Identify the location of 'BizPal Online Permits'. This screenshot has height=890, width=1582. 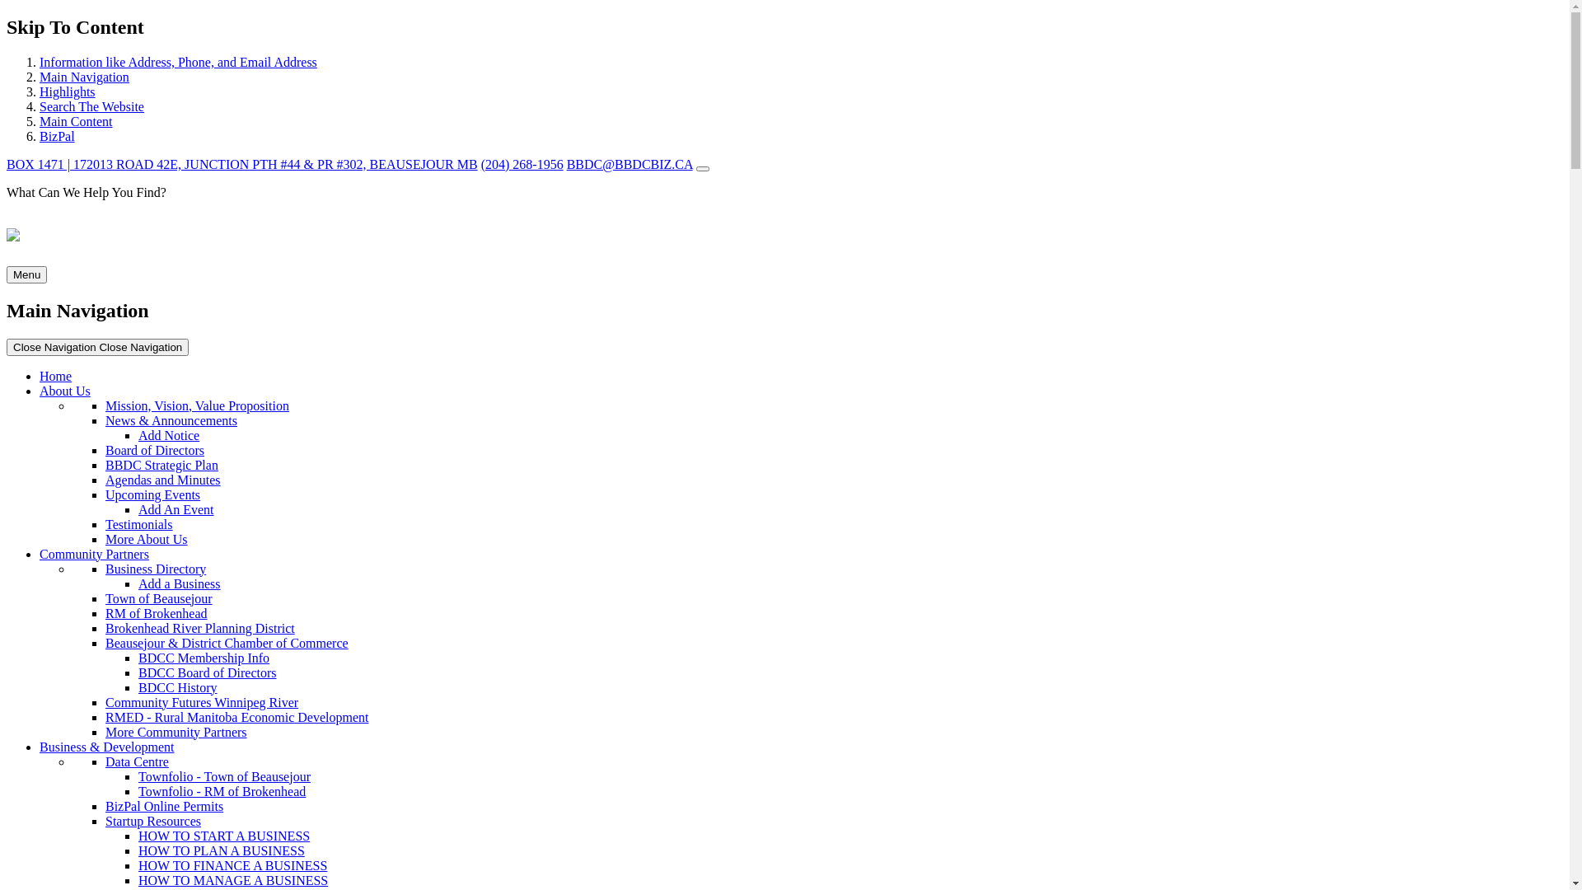
(164, 805).